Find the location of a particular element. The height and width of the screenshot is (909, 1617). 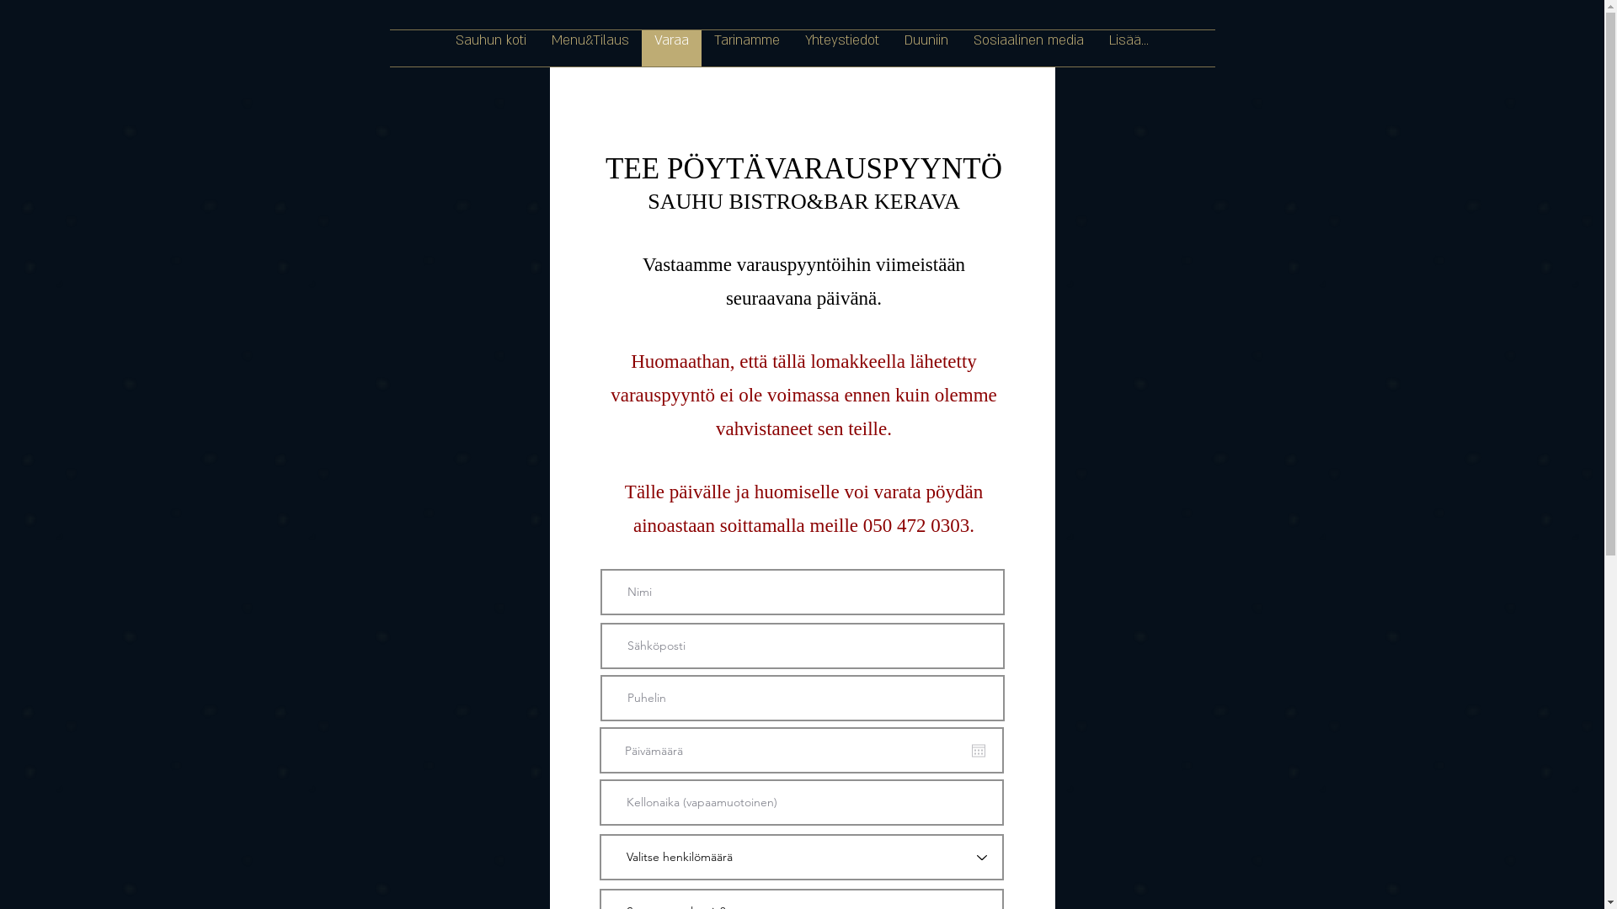

'Yhteystiedot' is located at coordinates (841, 47).